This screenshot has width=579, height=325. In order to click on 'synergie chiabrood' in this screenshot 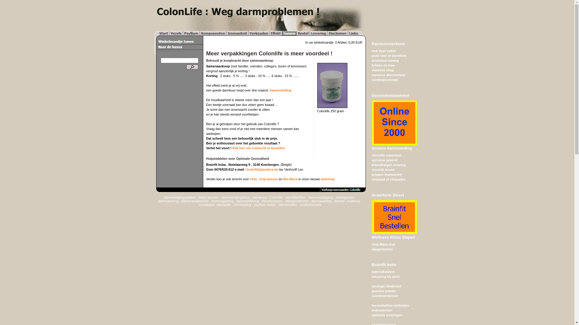, I will do `click(386, 286)`.